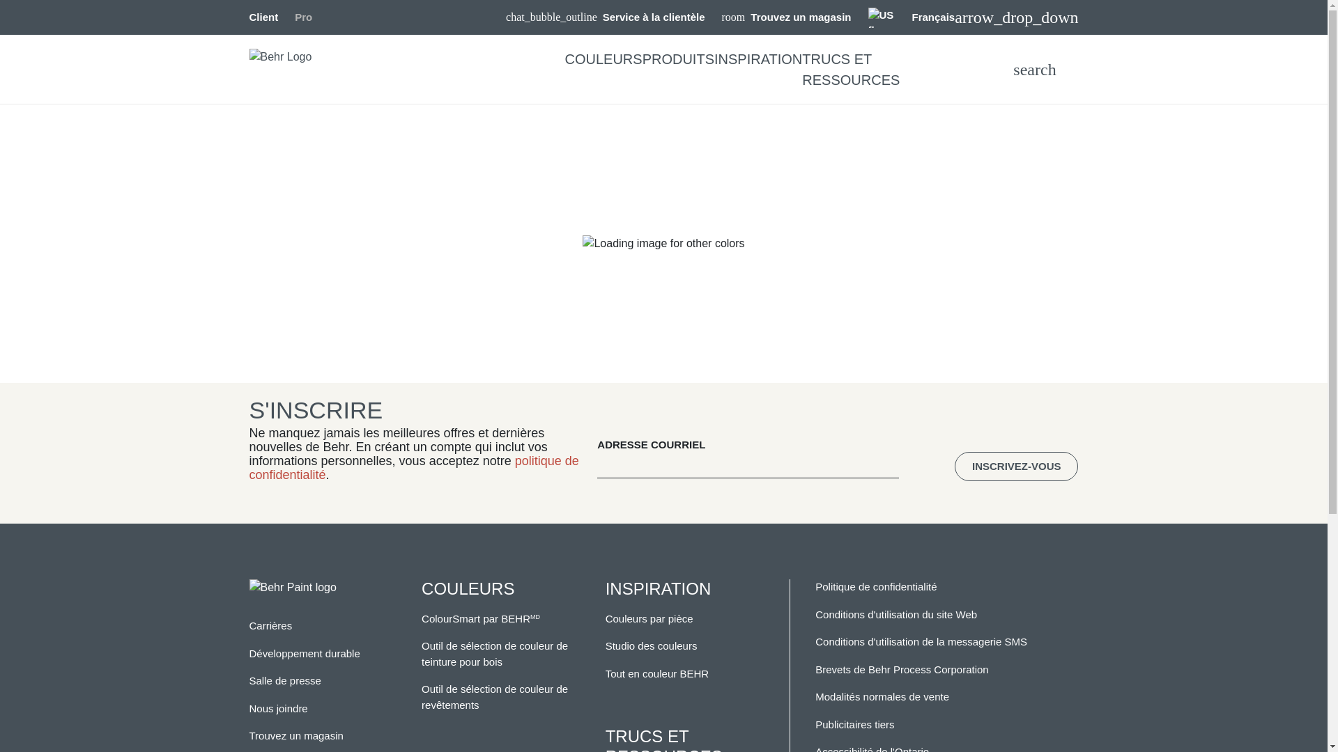  Describe the element at coordinates (1017, 467) in the screenshot. I see `'INSCRIVEZ-VOUS'` at that location.